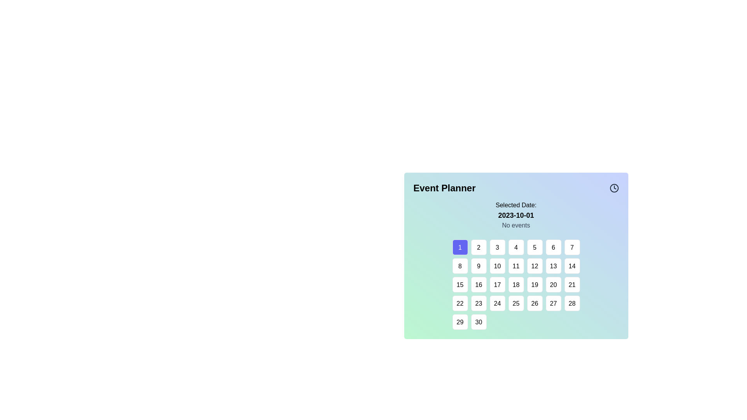 This screenshot has width=747, height=420. I want to click on the square-shaped button labeled '16' that is located in the third row and second column of the grid, so click(478, 285).